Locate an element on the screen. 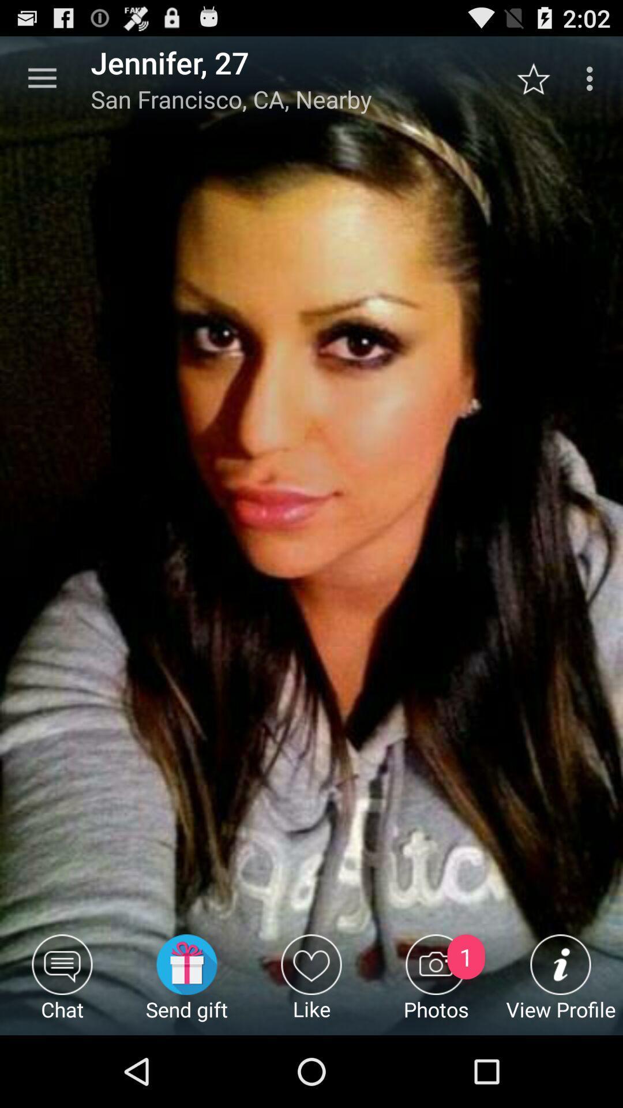  the icon to the left of the like is located at coordinates (186, 984).